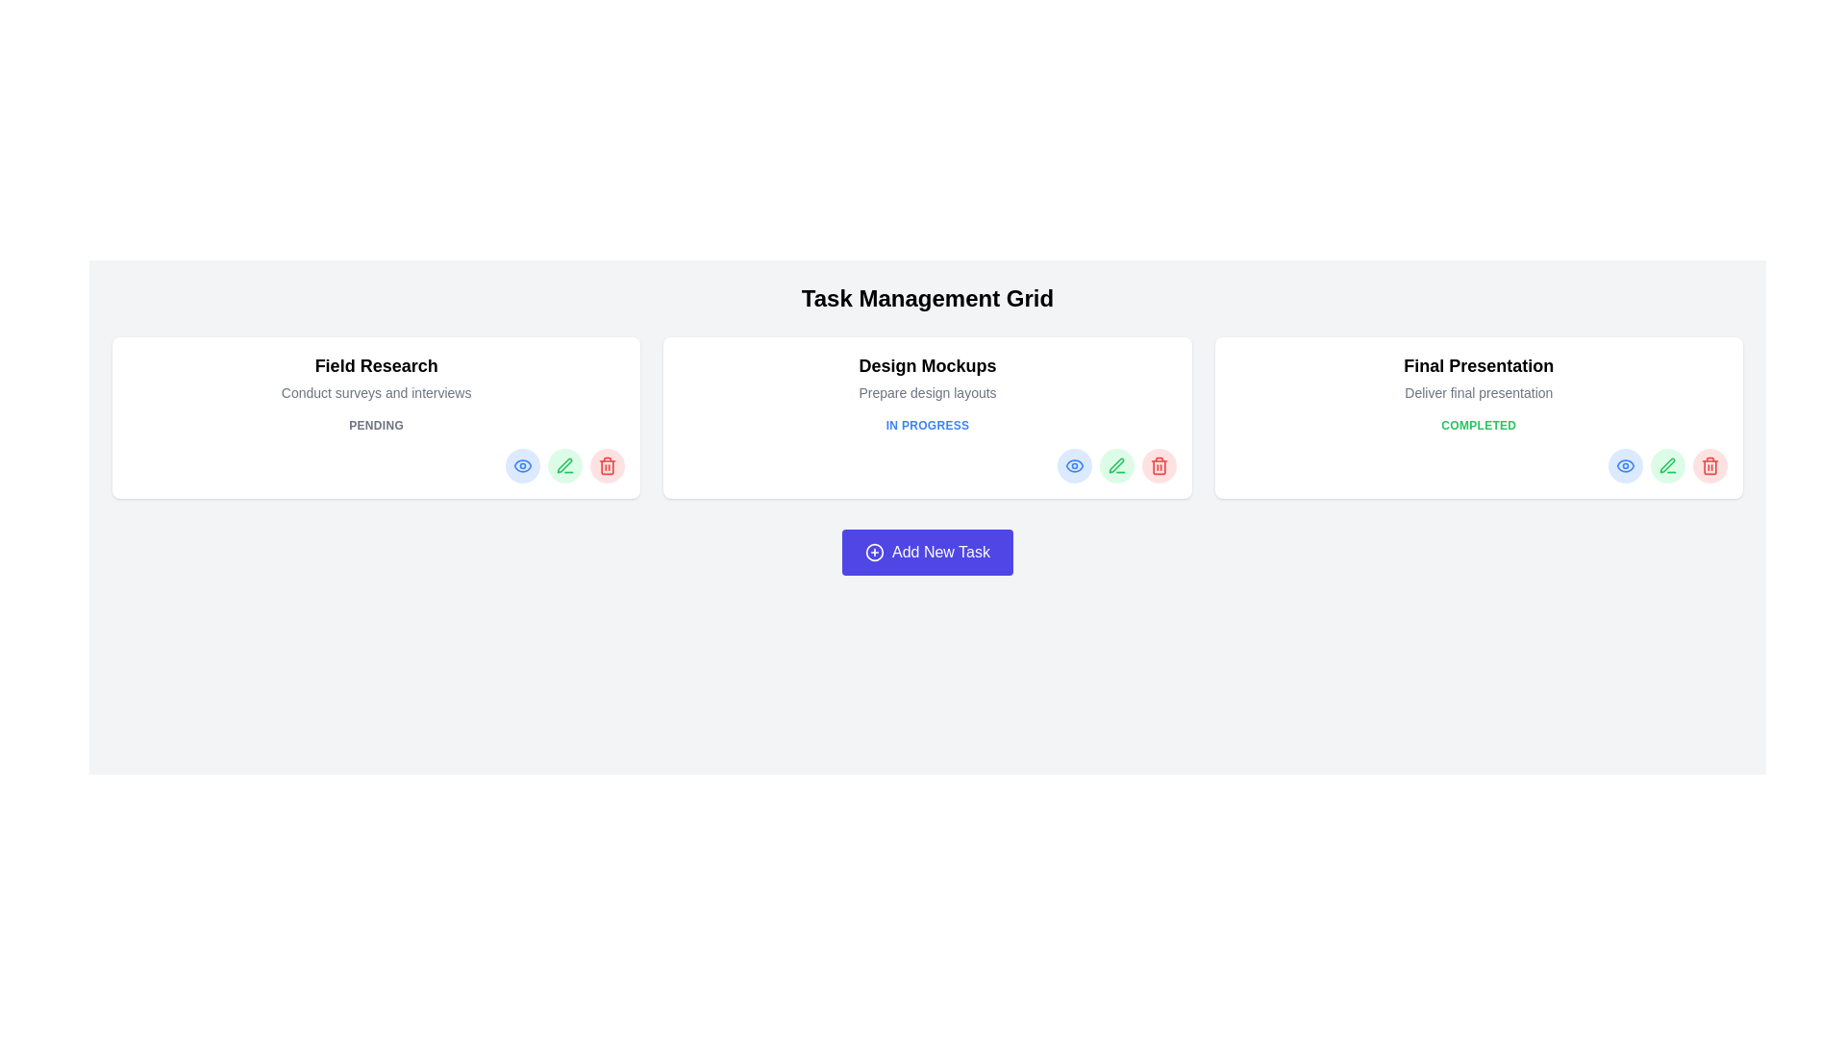 The width and height of the screenshot is (1846, 1038). What do you see at coordinates (564, 466) in the screenshot?
I see `the pen icon with a green stroke located at the center-bottom of the 'Field Research' task card` at bounding box center [564, 466].